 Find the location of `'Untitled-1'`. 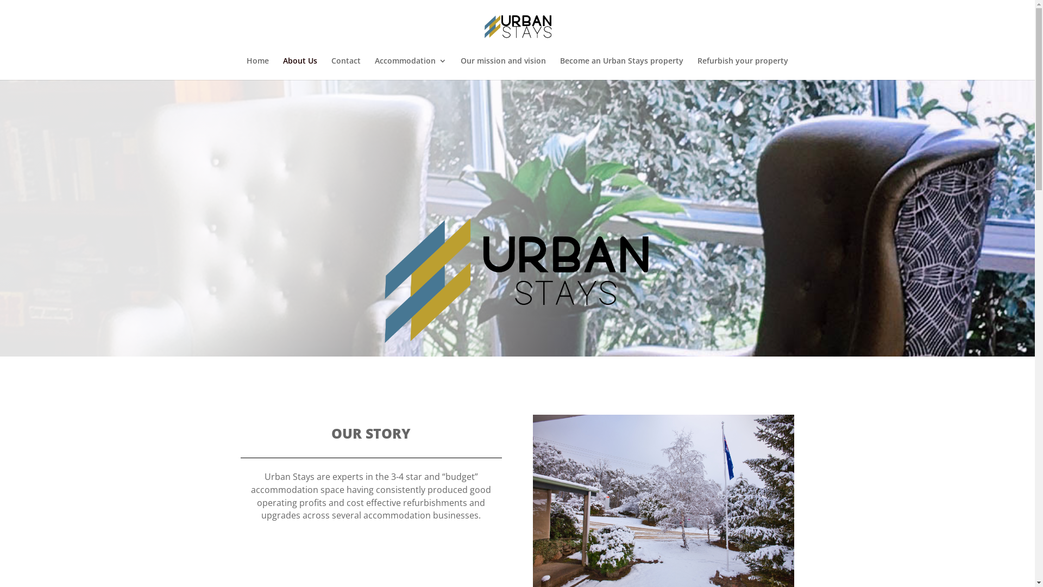

'Untitled-1' is located at coordinates (517, 280).